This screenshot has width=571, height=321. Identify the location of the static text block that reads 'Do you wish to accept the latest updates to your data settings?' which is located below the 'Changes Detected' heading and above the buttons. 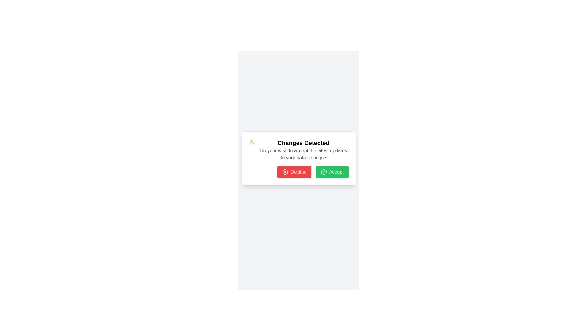
(303, 154).